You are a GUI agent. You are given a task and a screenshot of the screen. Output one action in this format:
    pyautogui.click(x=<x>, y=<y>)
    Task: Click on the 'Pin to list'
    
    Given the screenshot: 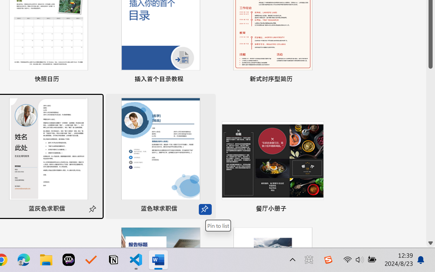 What is the action you would take?
    pyautogui.click(x=218, y=225)
    